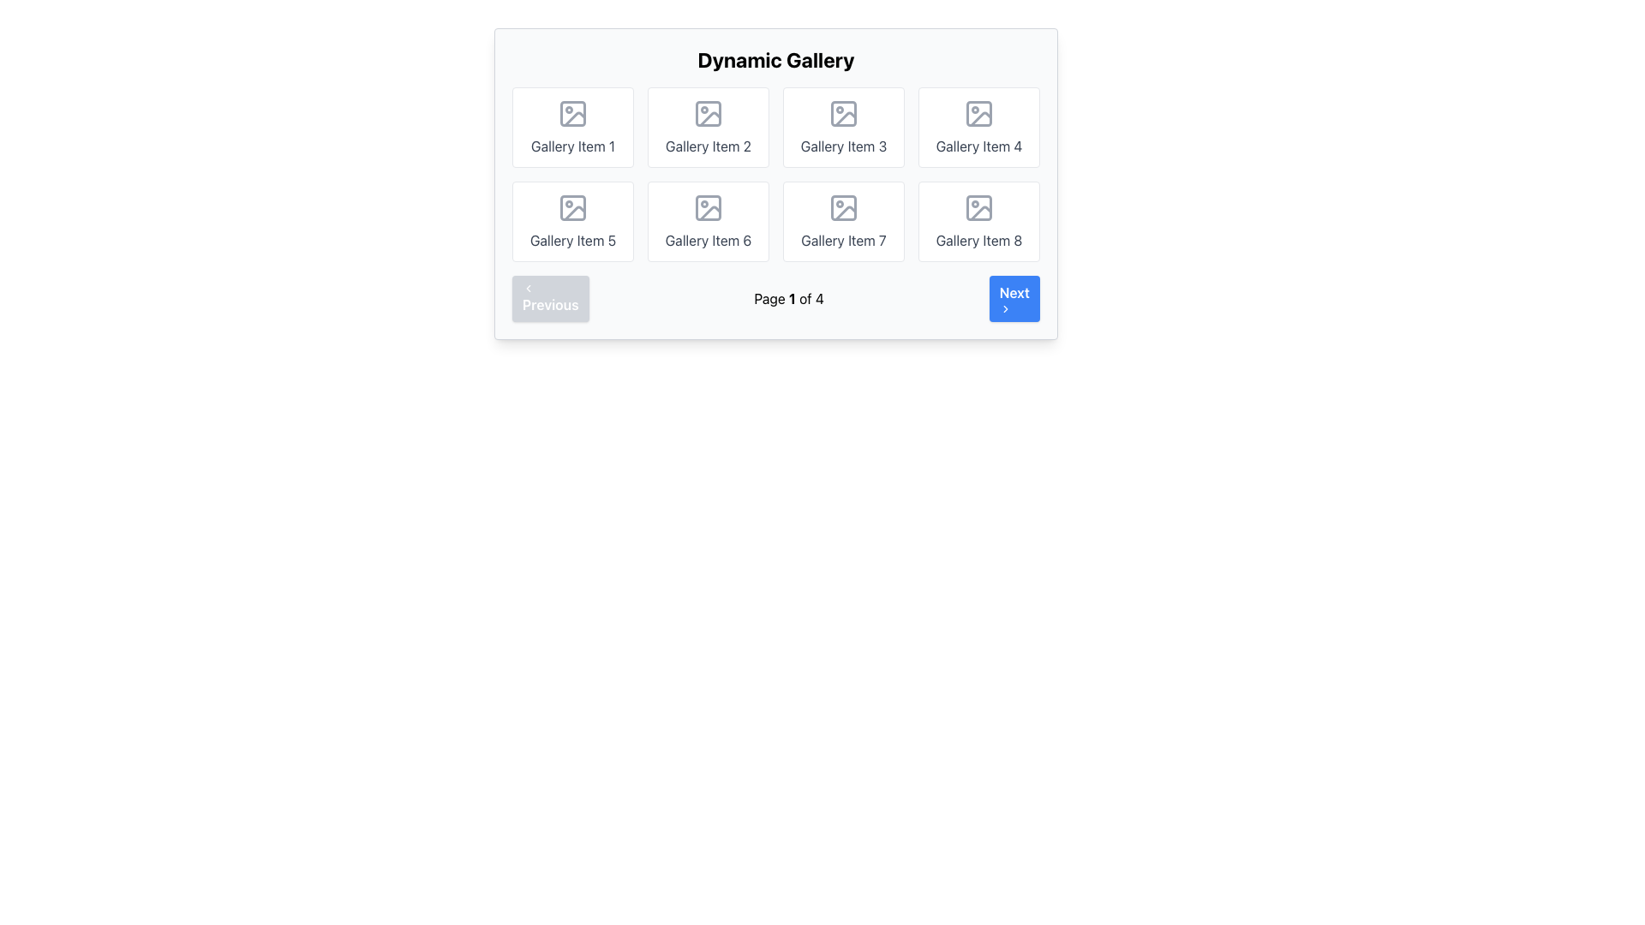 Image resolution: width=1645 pixels, height=925 pixels. What do you see at coordinates (843, 127) in the screenshot?
I see `the gallery item card displaying a placeholder image and associated text, located in the first row, third column of the grid layout` at bounding box center [843, 127].